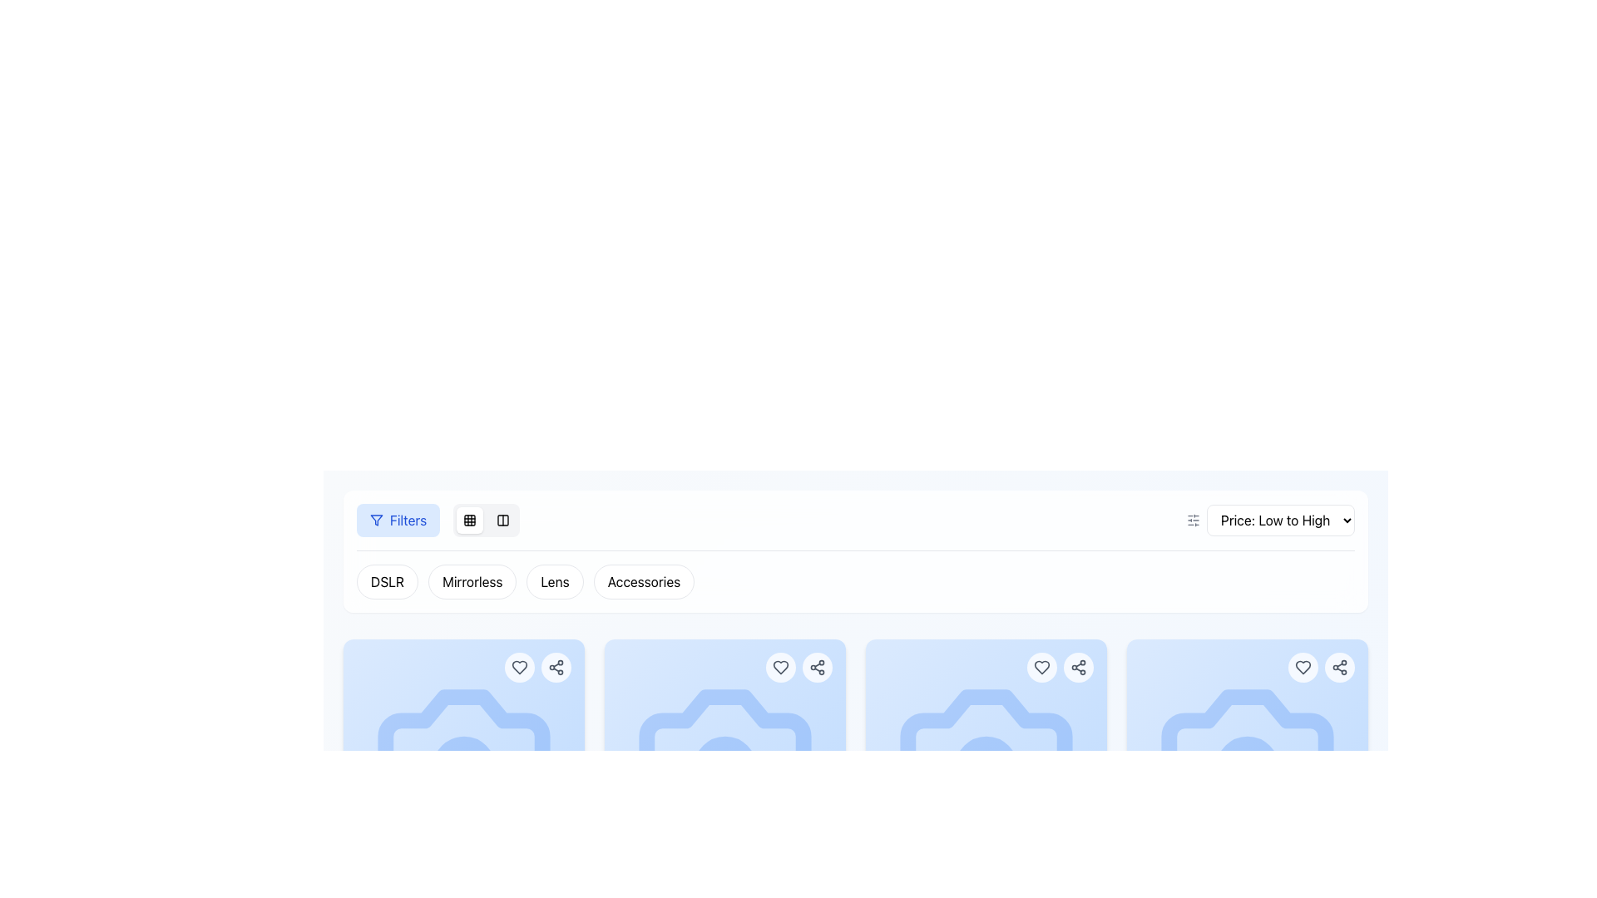 The image size is (1597, 898). What do you see at coordinates (375, 519) in the screenshot?
I see `the blue funnel icon within the 'Filters' button located on the left side of the horizontal navigation bar above the product listing section` at bounding box center [375, 519].